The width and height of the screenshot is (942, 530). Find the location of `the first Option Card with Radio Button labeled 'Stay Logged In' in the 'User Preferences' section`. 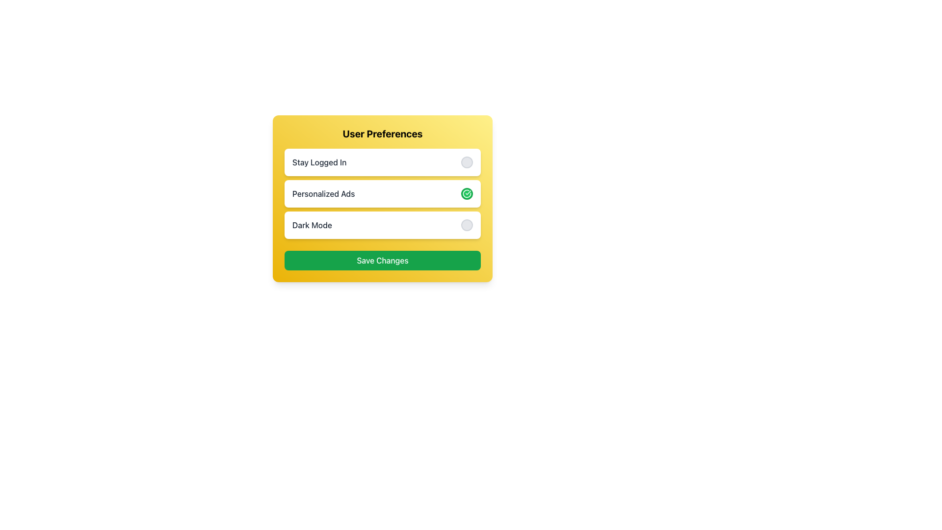

the first Option Card with Radio Button labeled 'Stay Logged In' in the 'User Preferences' section is located at coordinates (382, 162).